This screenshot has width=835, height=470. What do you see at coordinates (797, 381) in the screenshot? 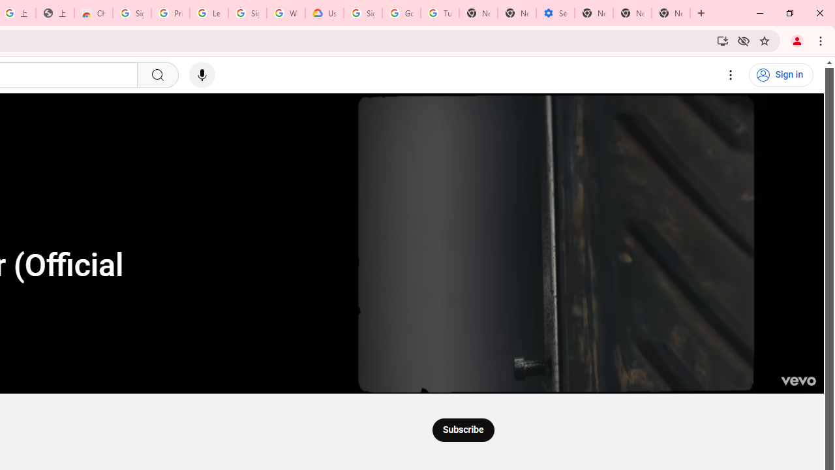
I see `'Channel watermark'` at bounding box center [797, 381].